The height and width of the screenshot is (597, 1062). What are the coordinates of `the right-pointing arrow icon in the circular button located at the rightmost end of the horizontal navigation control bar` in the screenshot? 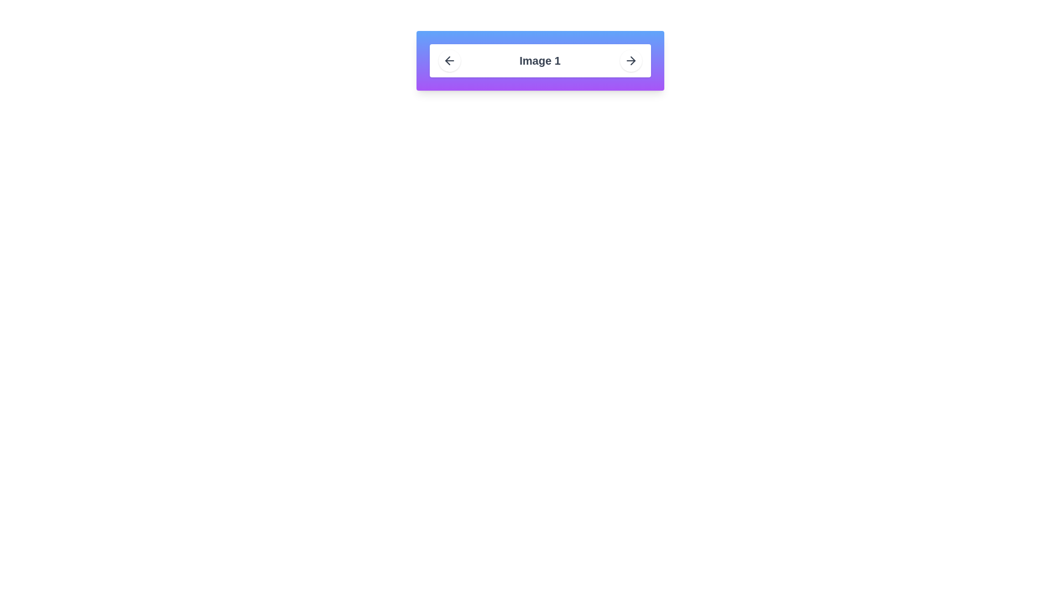 It's located at (631, 61).